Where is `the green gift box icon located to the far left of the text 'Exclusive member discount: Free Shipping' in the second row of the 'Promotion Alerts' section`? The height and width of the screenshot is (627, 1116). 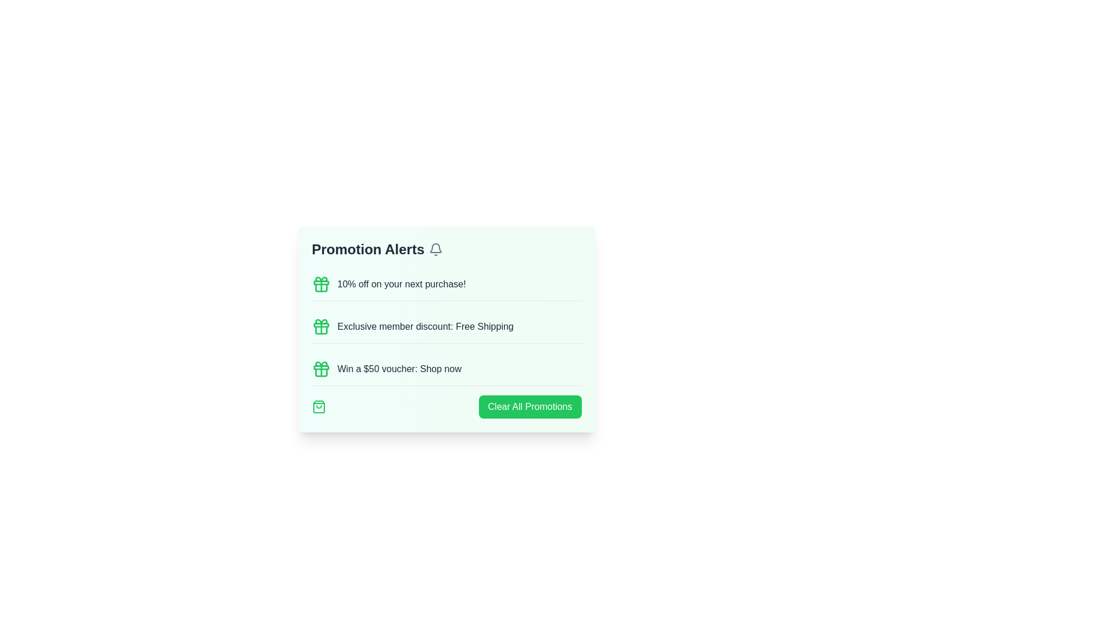
the green gift box icon located to the far left of the text 'Exclusive member discount: Free Shipping' in the second row of the 'Promotion Alerts' section is located at coordinates (321, 327).